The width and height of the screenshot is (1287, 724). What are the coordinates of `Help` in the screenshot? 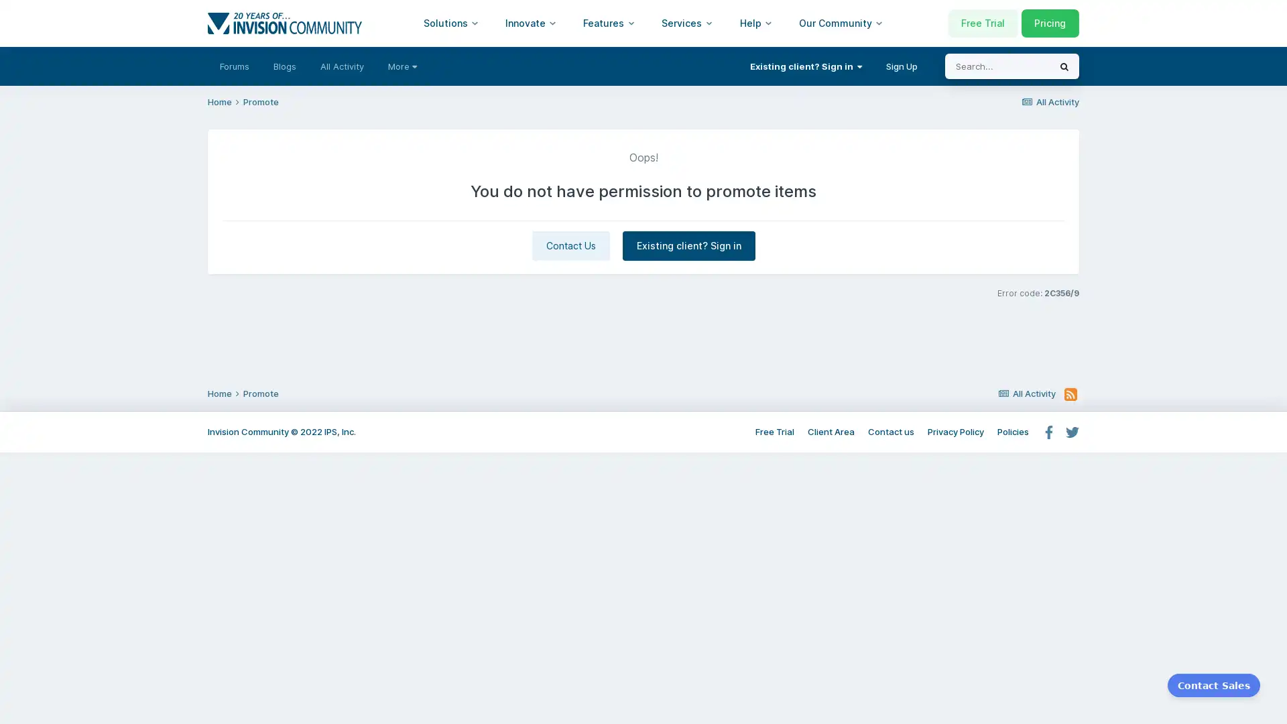 It's located at (756, 23).